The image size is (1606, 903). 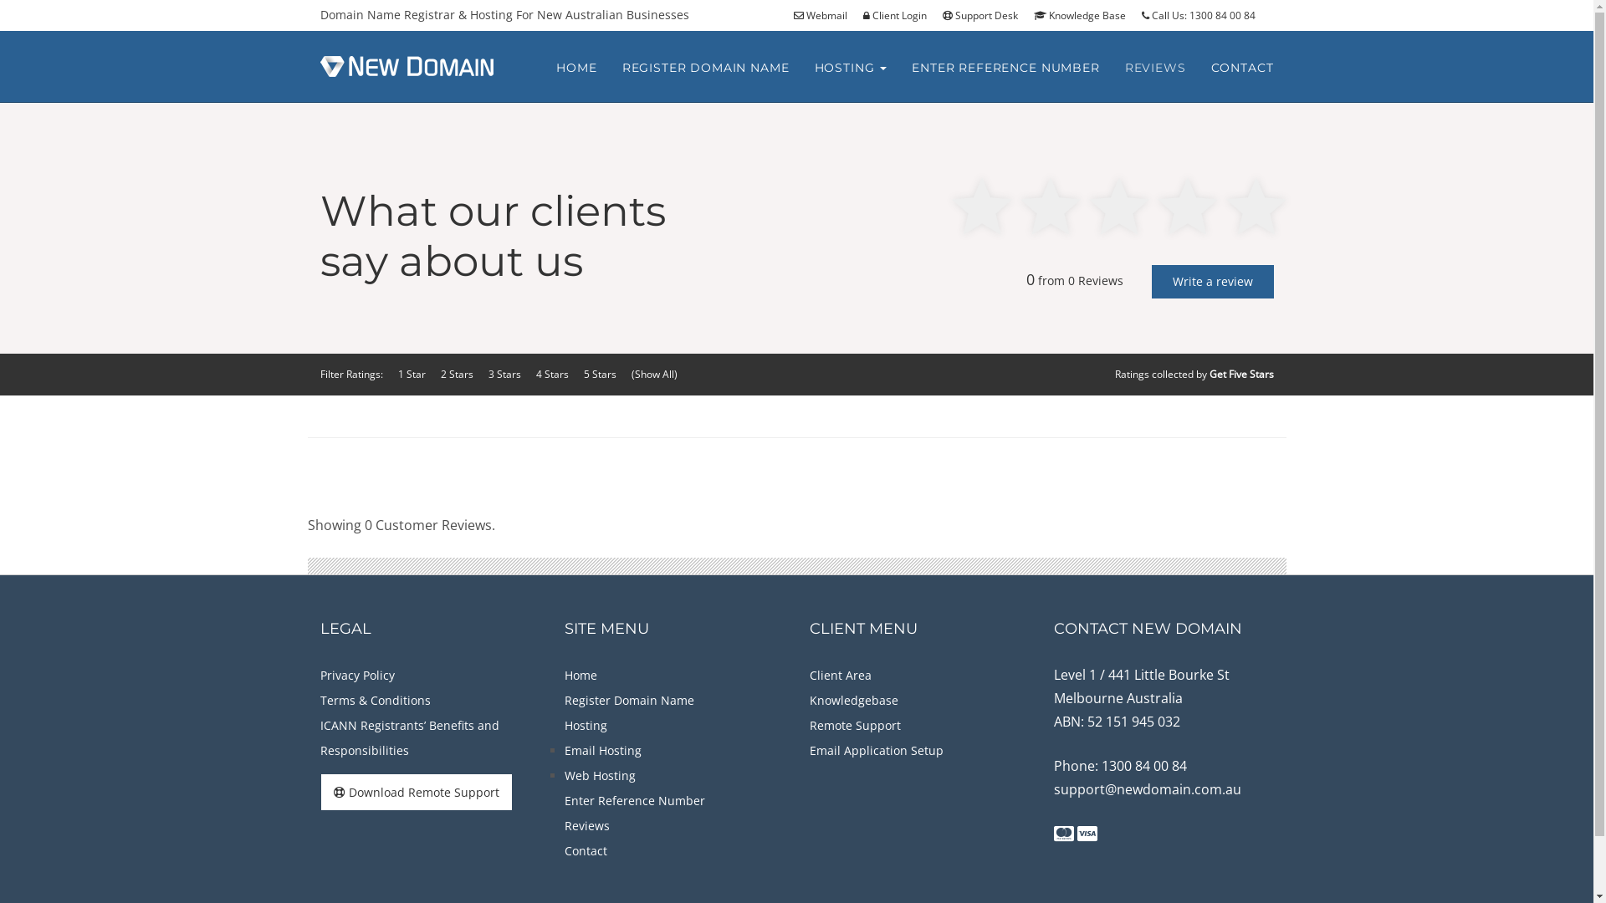 What do you see at coordinates (854, 700) in the screenshot?
I see `'Knowledgebase'` at bounding box center [854, 700].